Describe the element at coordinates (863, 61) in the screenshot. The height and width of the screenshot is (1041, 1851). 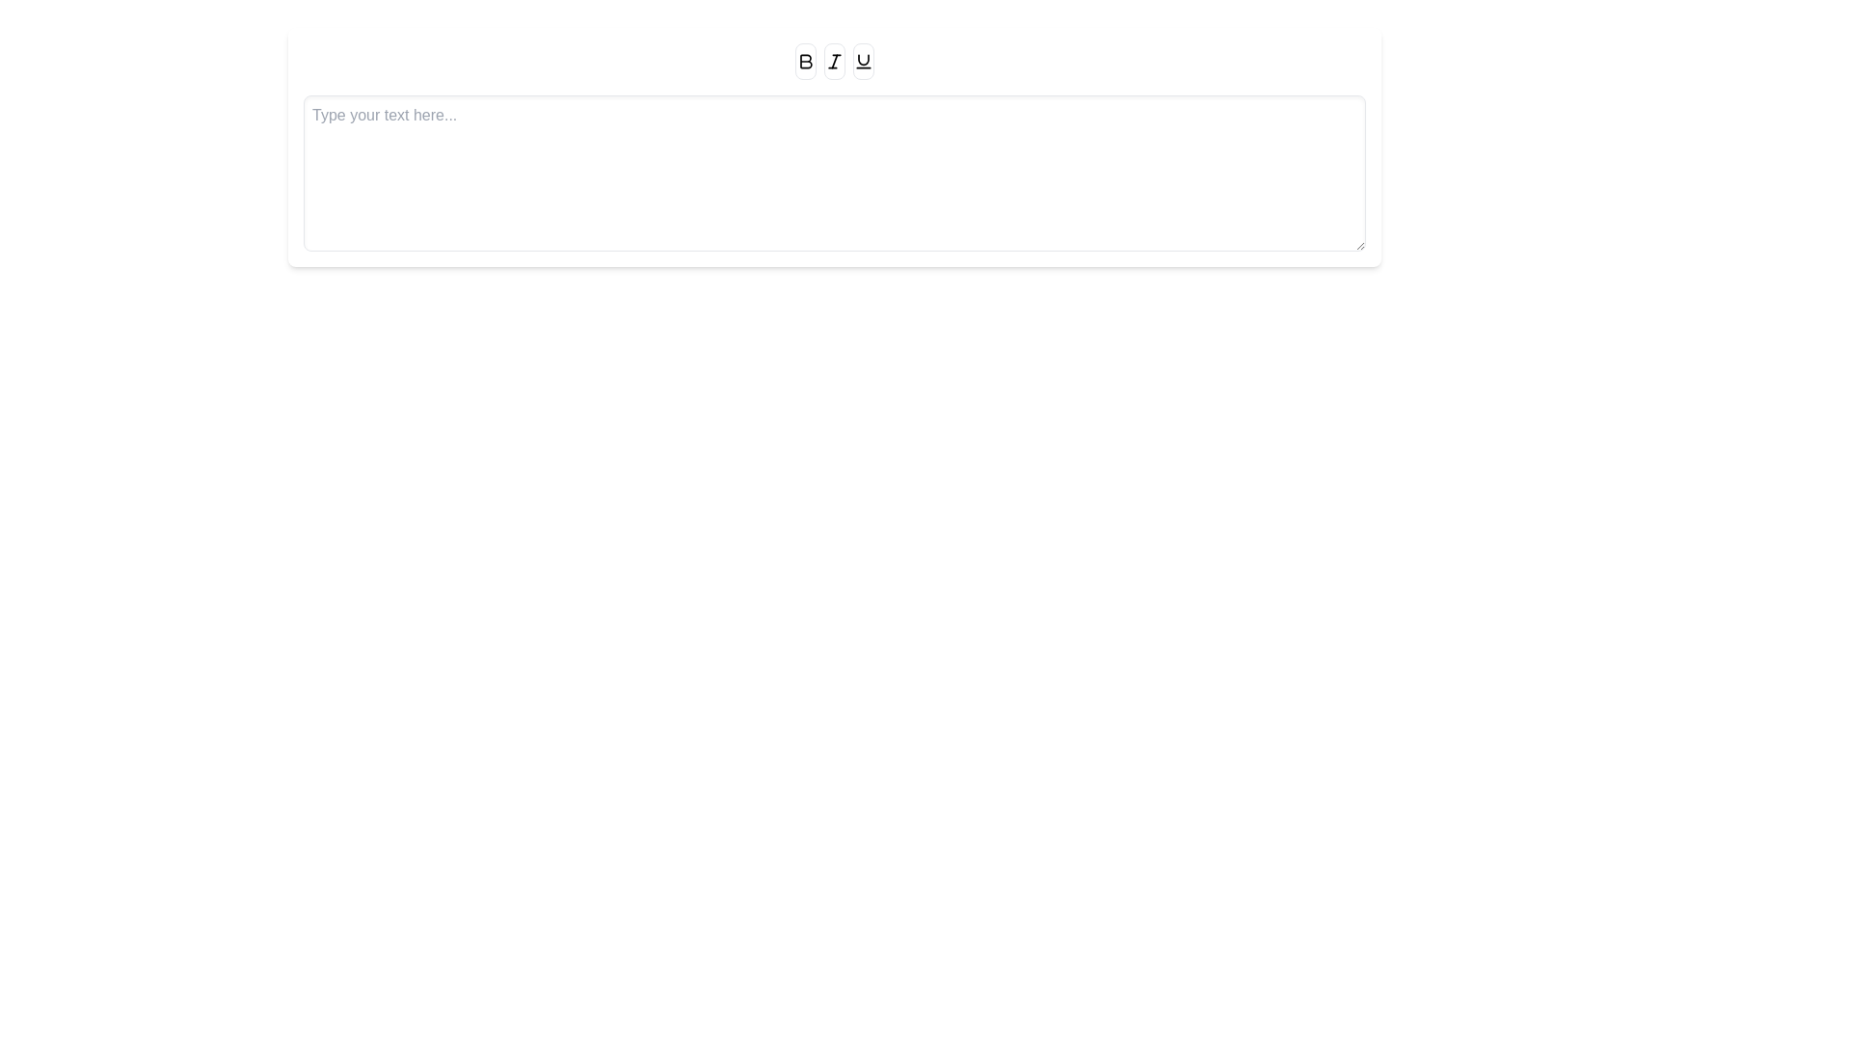
I see `the underline button in the text formatting toolbar to observe tooltip or visual feedback` at that location.